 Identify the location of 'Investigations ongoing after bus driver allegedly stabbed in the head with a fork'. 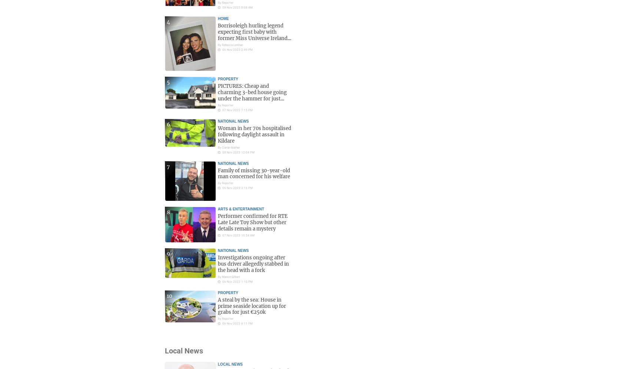
(253, 263).